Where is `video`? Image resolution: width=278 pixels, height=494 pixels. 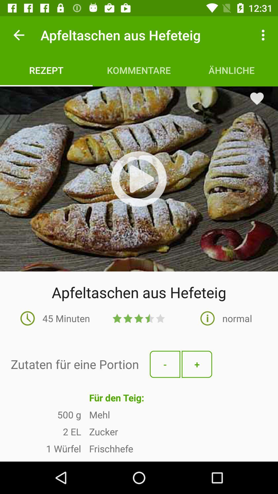
video is located at coordinates (139, 179).